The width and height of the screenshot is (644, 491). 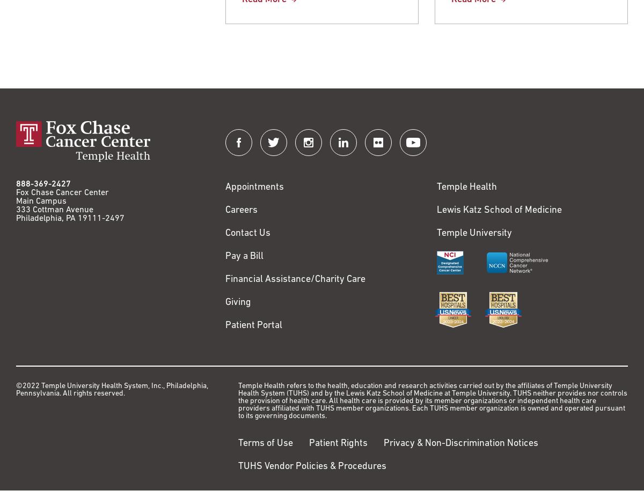 What do you see at coordinates (253, 325) in the screenshot?
I see `'Patient Portal'` at bounding box center [253, 325].